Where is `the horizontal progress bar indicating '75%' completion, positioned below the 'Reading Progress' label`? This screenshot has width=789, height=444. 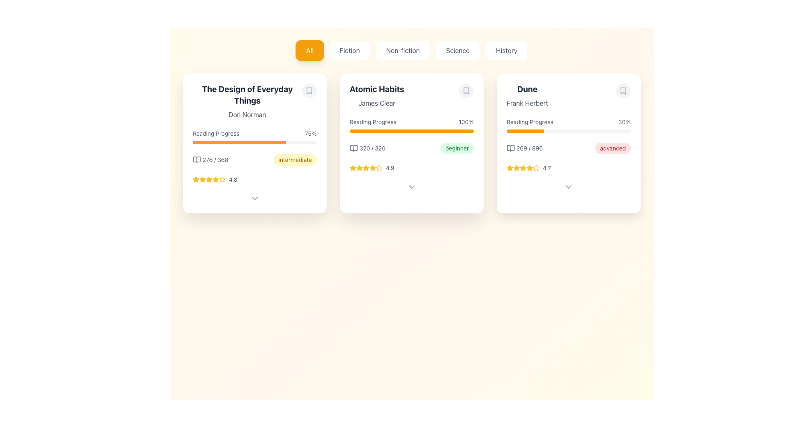 the horizontal progress bar indicating '75%' completion, positioned below the 'Reading Progress' label is located at coordinates (254, 142).